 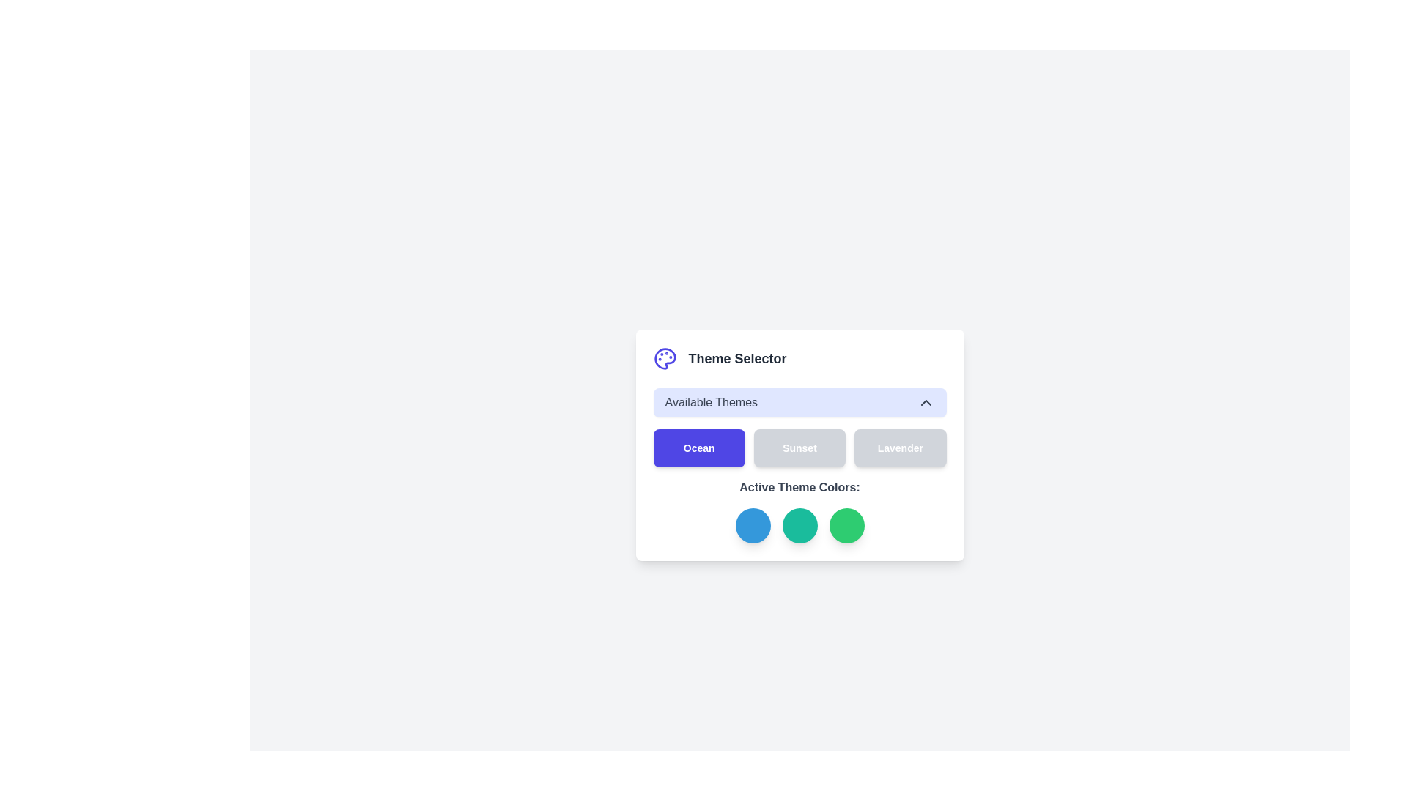 I want to click on the rightmost button labeled 'Lavender', so click(x=899, y=448).